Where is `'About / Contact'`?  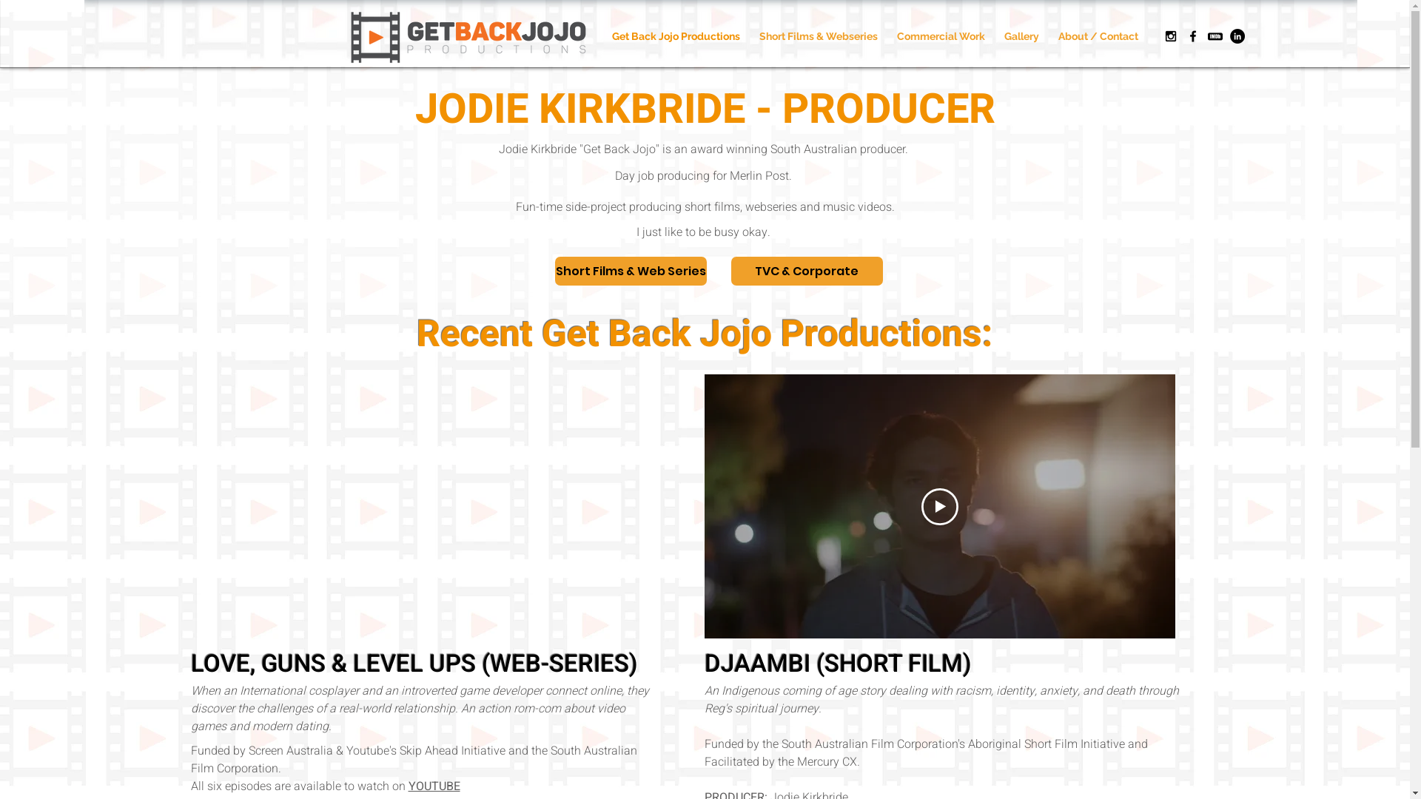 'About / Contact' is located at coordinates (1098, 36).